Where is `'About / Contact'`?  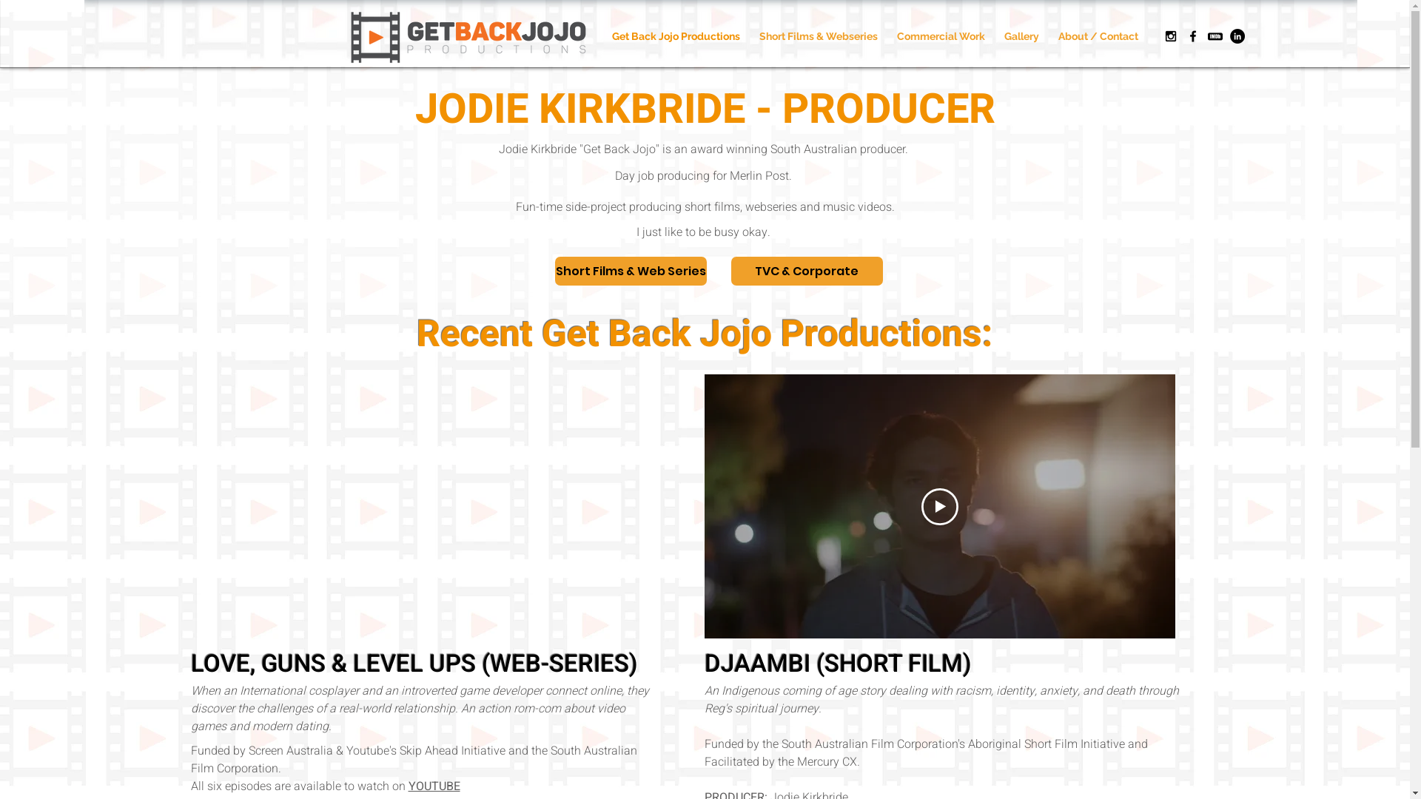 'About / Contact' is located at coordinates (1098, 36).